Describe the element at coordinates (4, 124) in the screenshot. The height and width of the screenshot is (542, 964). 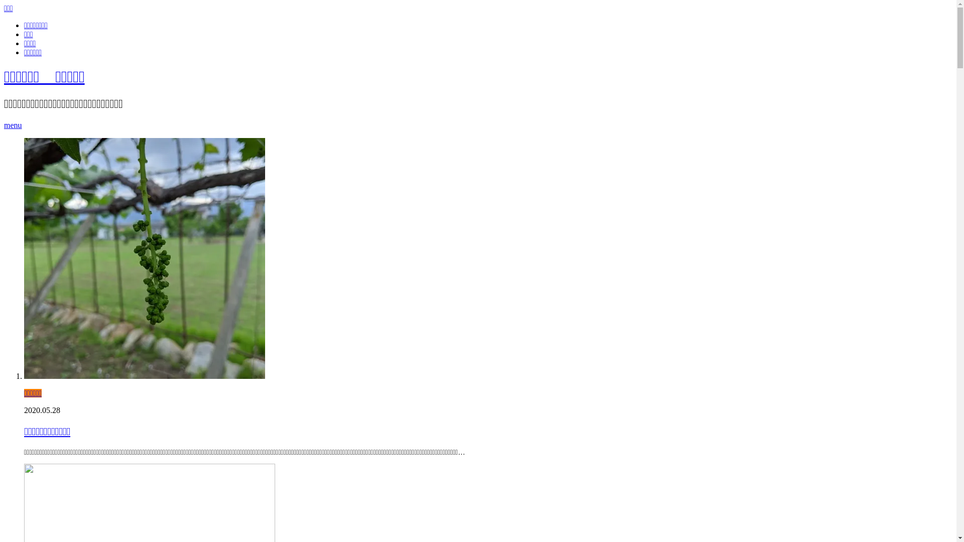
I see `'menu'` at that location.